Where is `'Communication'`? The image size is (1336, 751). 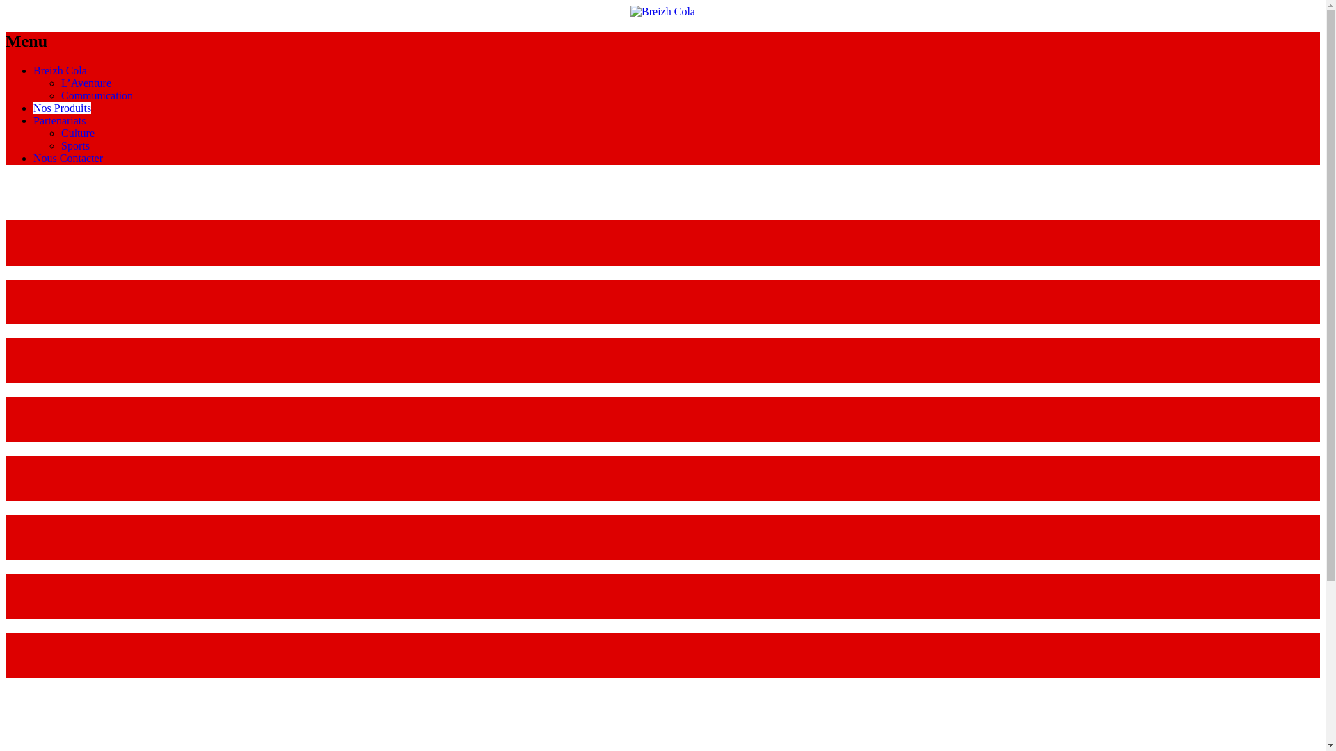 'Communication' is located at coordinates (96, 95).